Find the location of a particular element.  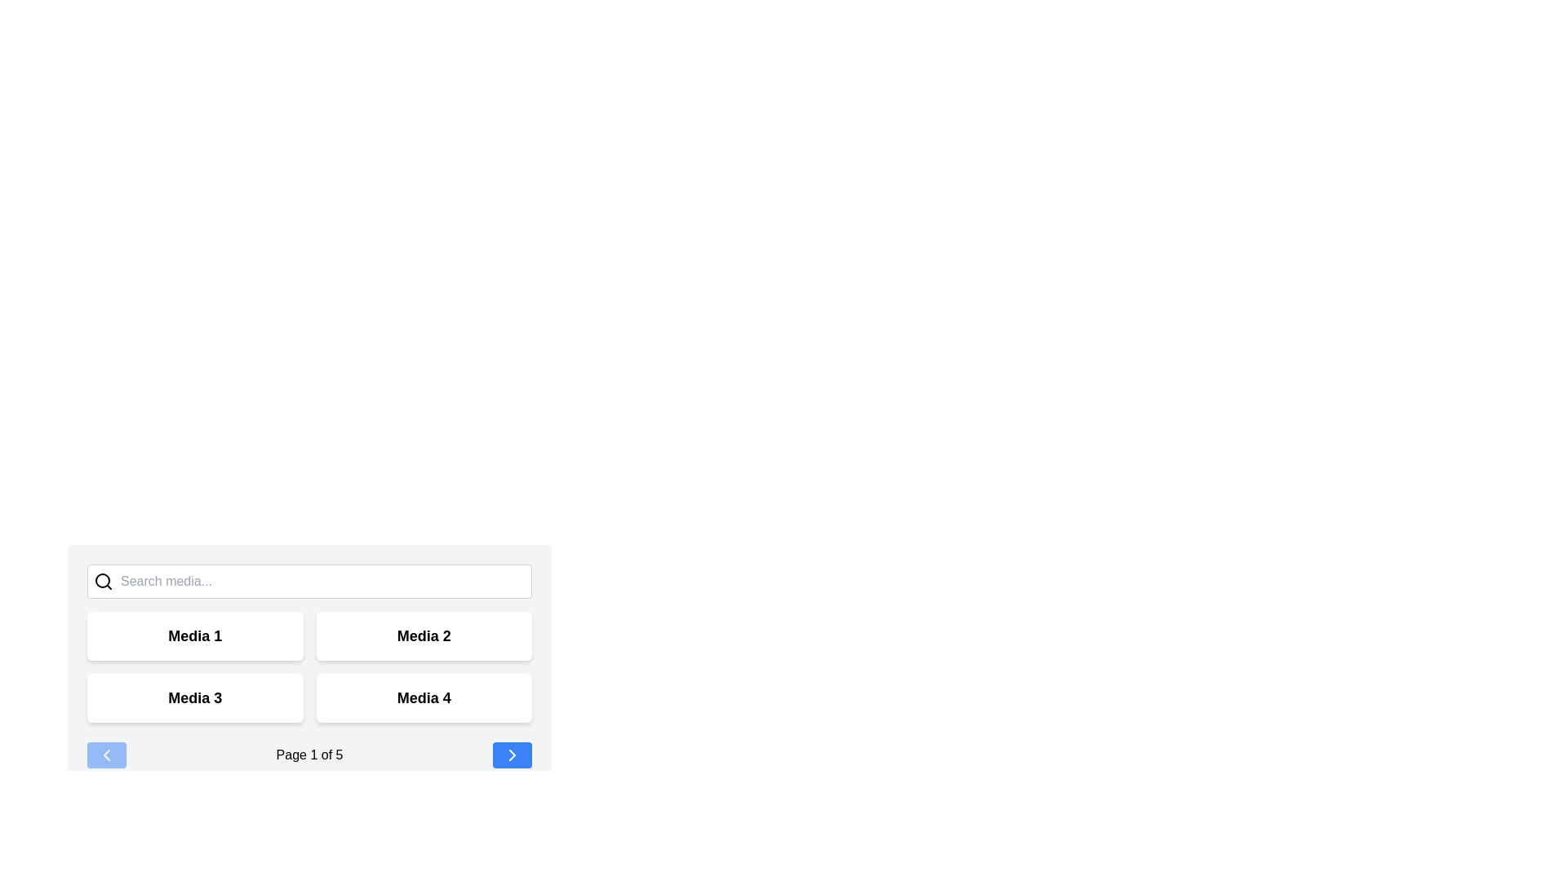

the right-pointing arrow icon button located in the rectangular blue button with rounded corners is located at coordinates (512, 755).